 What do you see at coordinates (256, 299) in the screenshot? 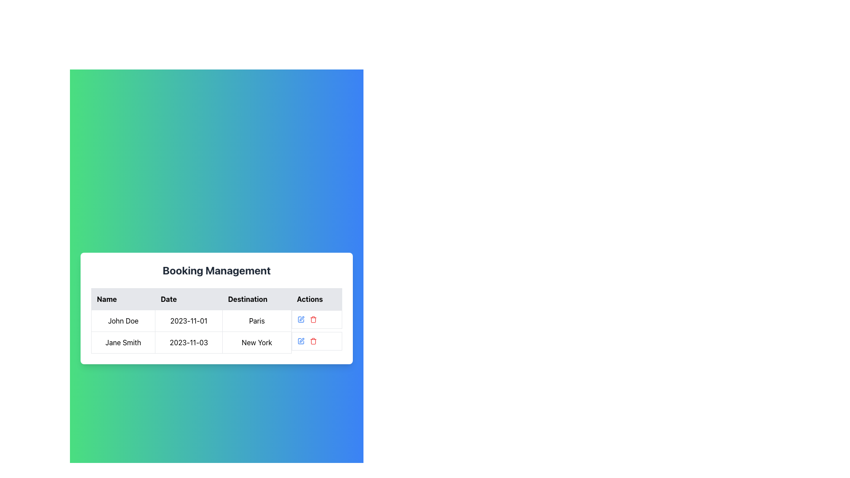
I see `the text label 'Destination', which is a bold font header in a light-gray background, located in the third column of a four-column table header` at bounding box center [256, 299].